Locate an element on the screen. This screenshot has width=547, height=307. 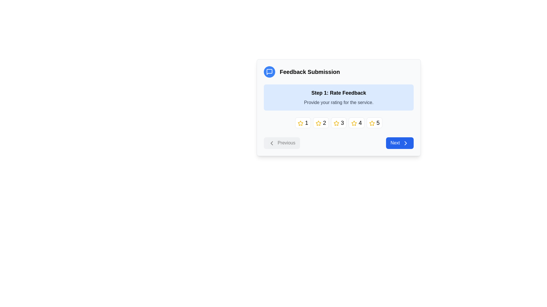
the button labeled '4', which is styled as a rounded rectangle with a white background and a light blue hover effect is located at coordinates (356, 123).